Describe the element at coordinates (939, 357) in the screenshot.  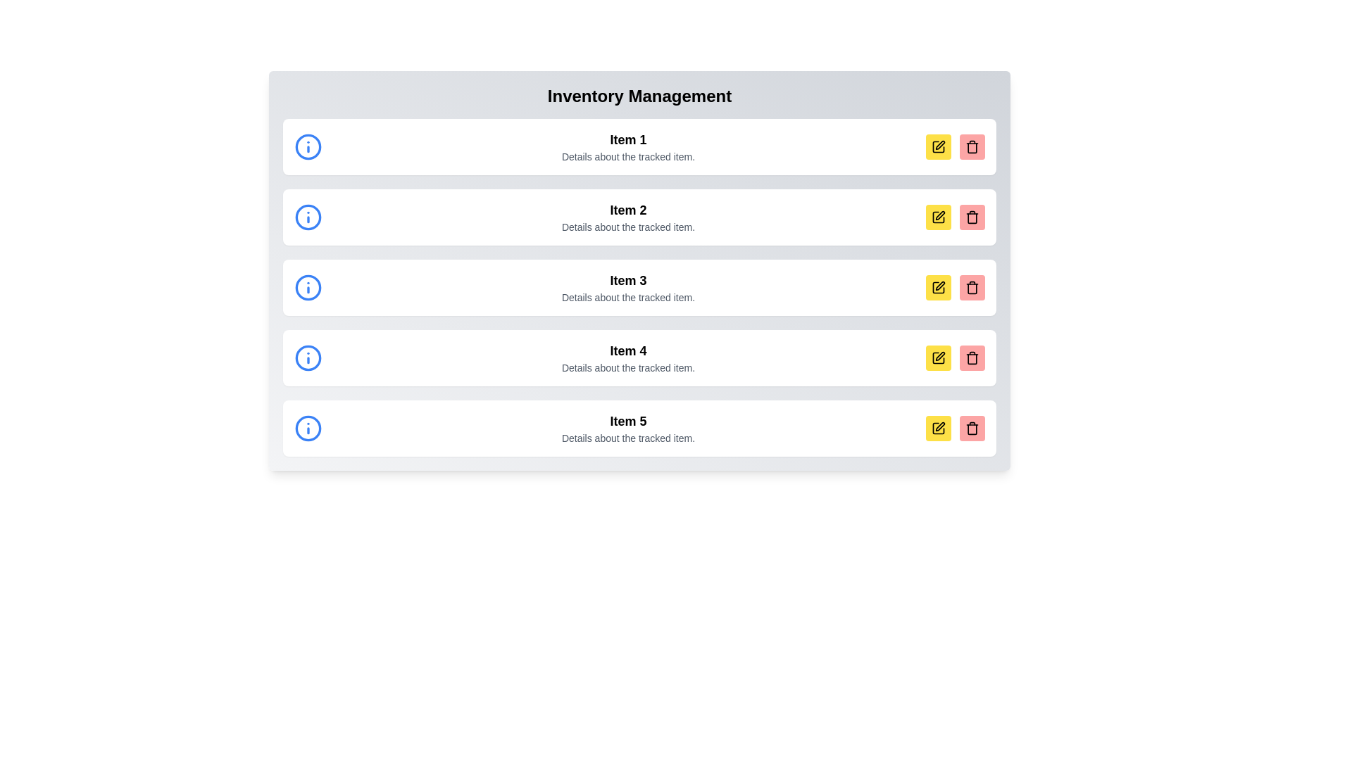
I see `the edit button located in the fourth row of the 'Inventory Management' section` at that location.